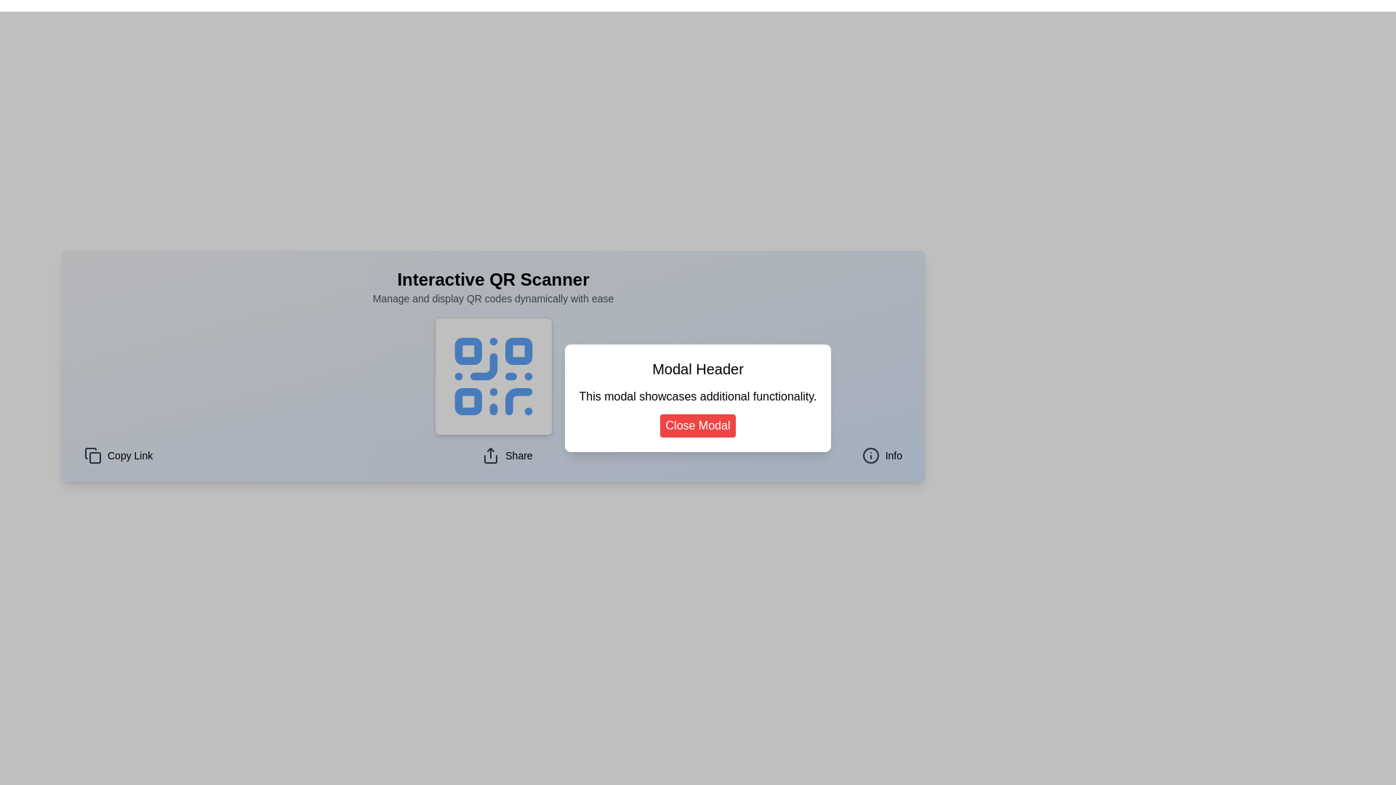  Describe the element at coordinates (493, 375) in the screenshot. I see `the decorative QR code icon located near the center-left of the 'Interactive QR Scanner' card, which is the first visual icon element within the card` at that location.